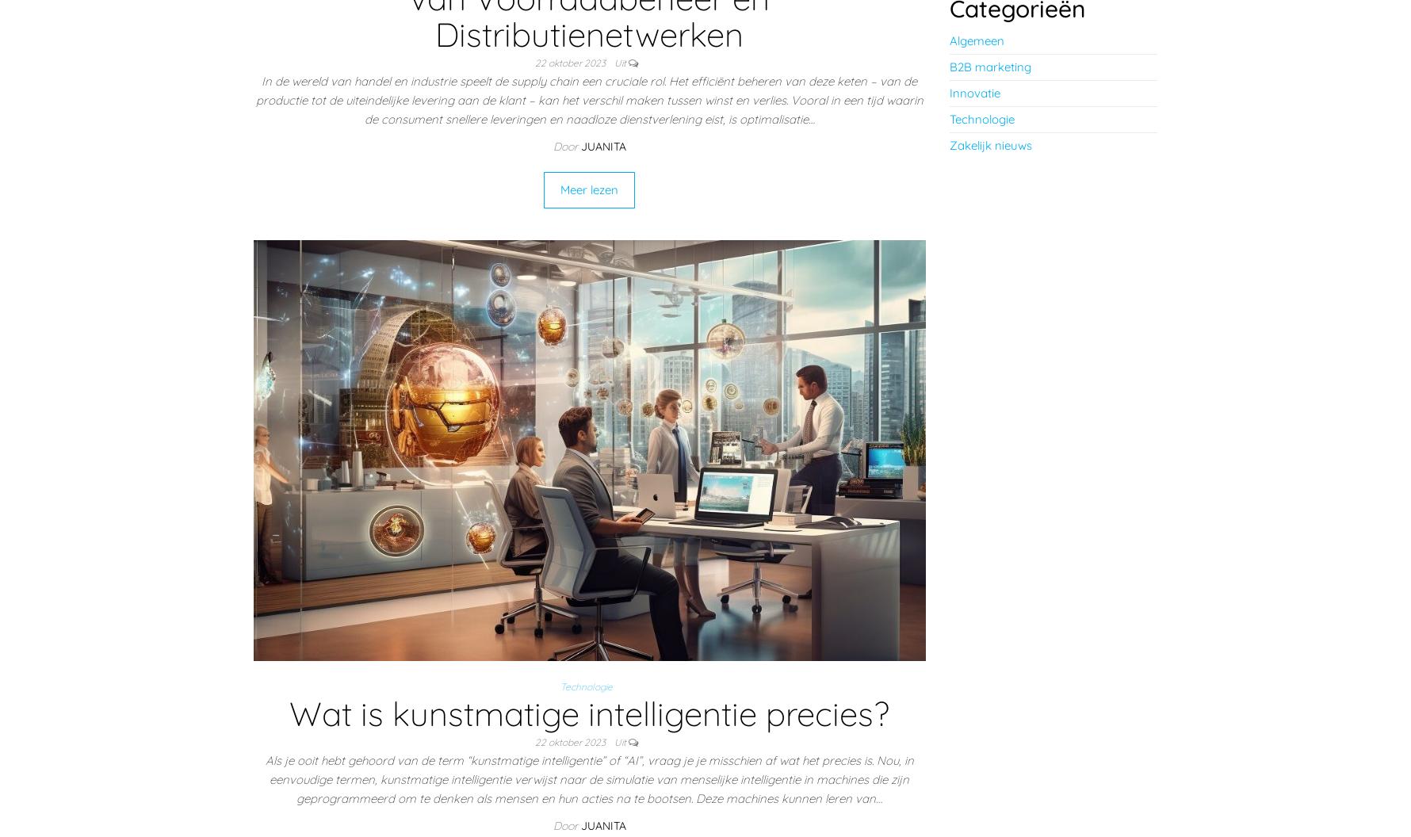  Describe the element at coordinates (588, 779) in the screenshot. I see `'Als je ooit hebt gehoord van de term “kunstmatige intelligentie” of “AI”, vraag je je misschien af wat het precies is. Nou, in eenvoudige termen, kunstmatige intelligentie verwijst naar de simulatie van menselijke intelligentie in machines die zijn geprogrammeerd om te denken als mensen en hun acties na te bootsen. Deze machines kunnen leren van…'` at that location.